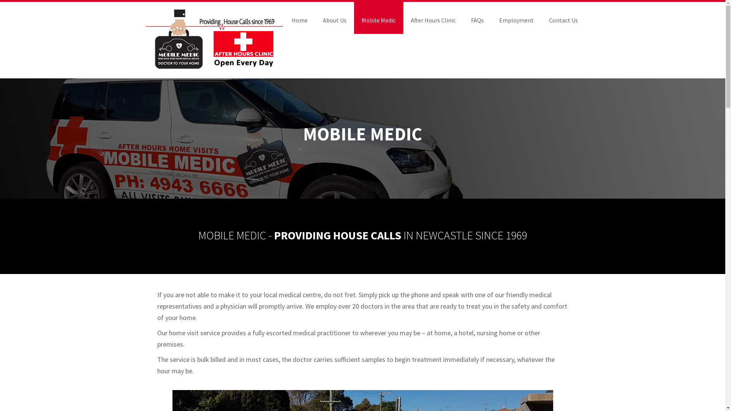  I want to click on 'About Us', so click(334, 17).